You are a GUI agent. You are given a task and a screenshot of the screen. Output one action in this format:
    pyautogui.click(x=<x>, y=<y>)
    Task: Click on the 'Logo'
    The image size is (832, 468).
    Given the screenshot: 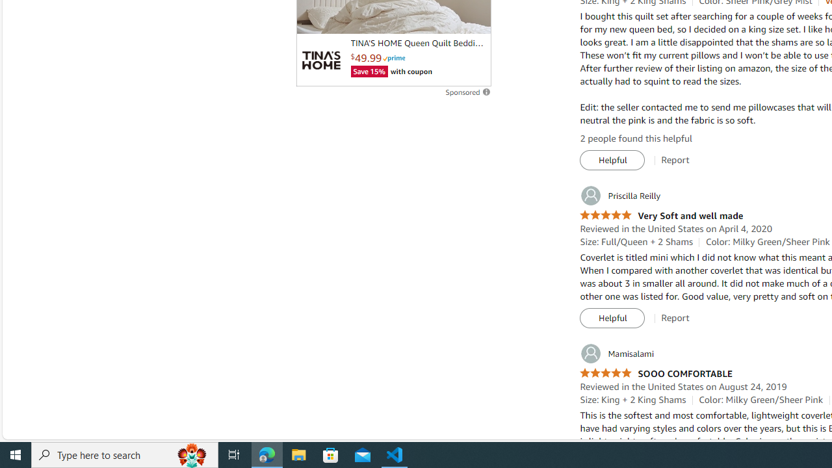 What is the action you would take?
    pyautogui.click(x=320, y=60)
    